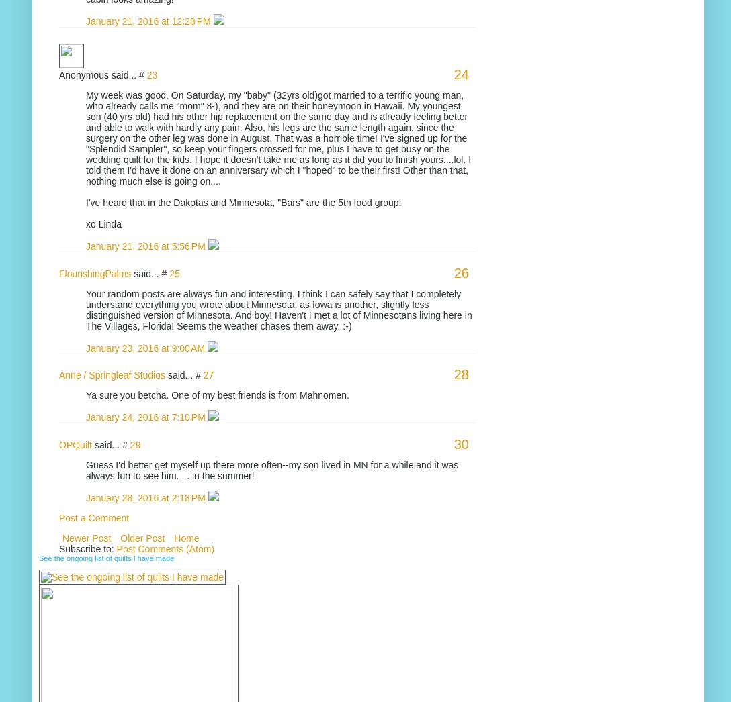 The image size is (731, 702). I want to click on 'January 21, 2016 at 5:56 PM', so click(146, 244).